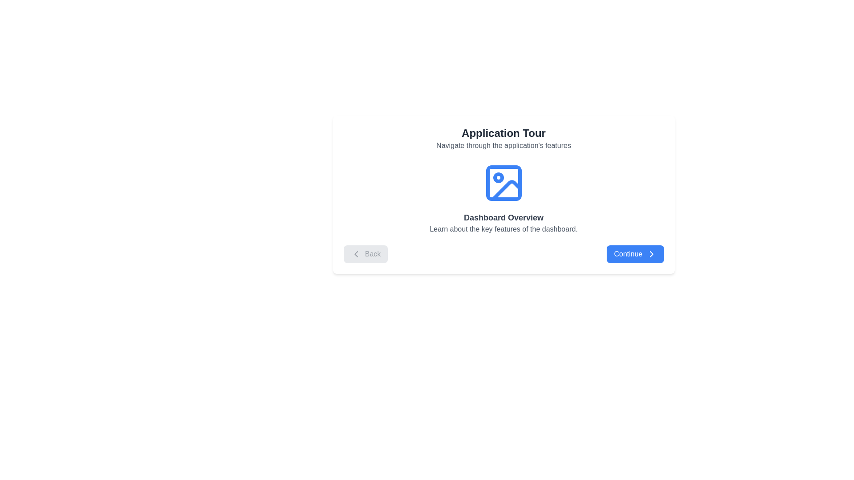  What do you see at coordinates (356, 254) in the screenshot?
I see `the left-pointing chevron arrow icon that is part of the 'Back' button for accessibility purposes` at bounding box center [356, 254].